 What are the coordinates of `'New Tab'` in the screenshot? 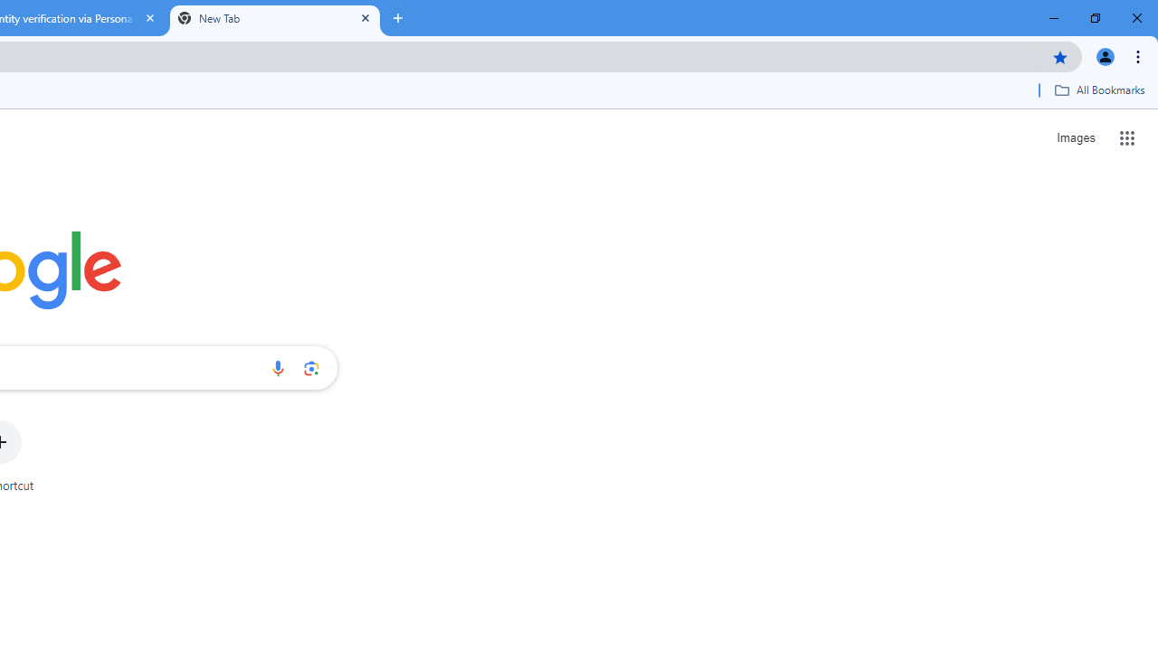 It's located at (274, 18).